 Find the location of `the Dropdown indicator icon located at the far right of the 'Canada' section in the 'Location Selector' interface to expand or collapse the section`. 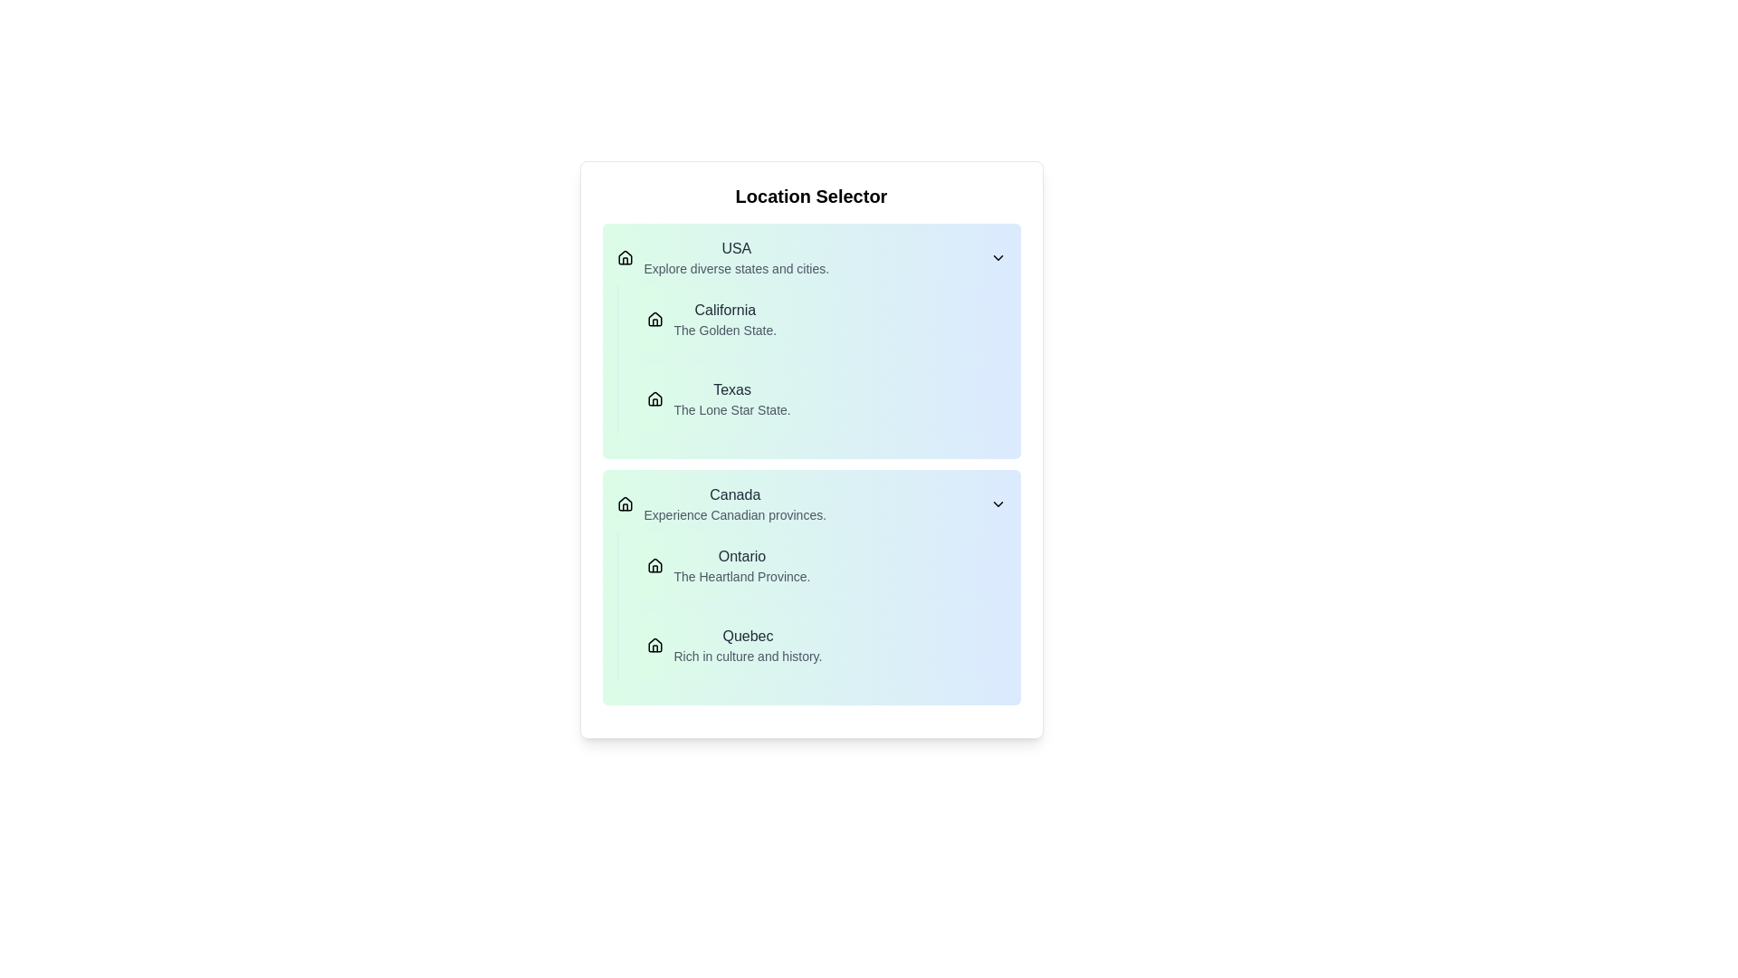

the Dropdown indicator icon located at the far right of the 'Canada' section in the 'Location Selector' interface to expand or collapse the section is located at coordinates (997, 503).